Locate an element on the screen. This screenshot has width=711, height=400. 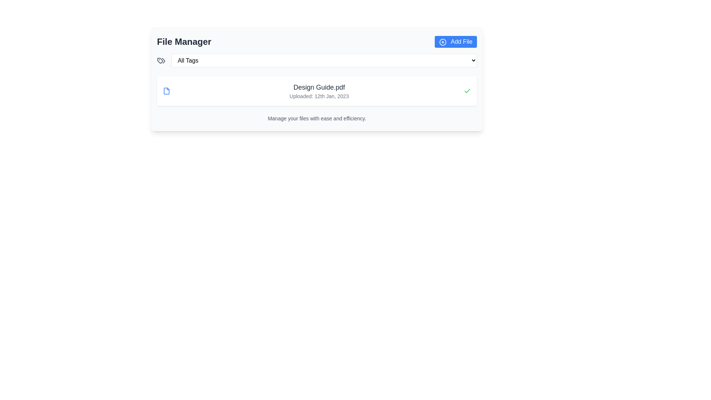
the informational text at the bottom of the 'File Manager' section, which describes the purpose of the feature is located at coordinates (317, 118).